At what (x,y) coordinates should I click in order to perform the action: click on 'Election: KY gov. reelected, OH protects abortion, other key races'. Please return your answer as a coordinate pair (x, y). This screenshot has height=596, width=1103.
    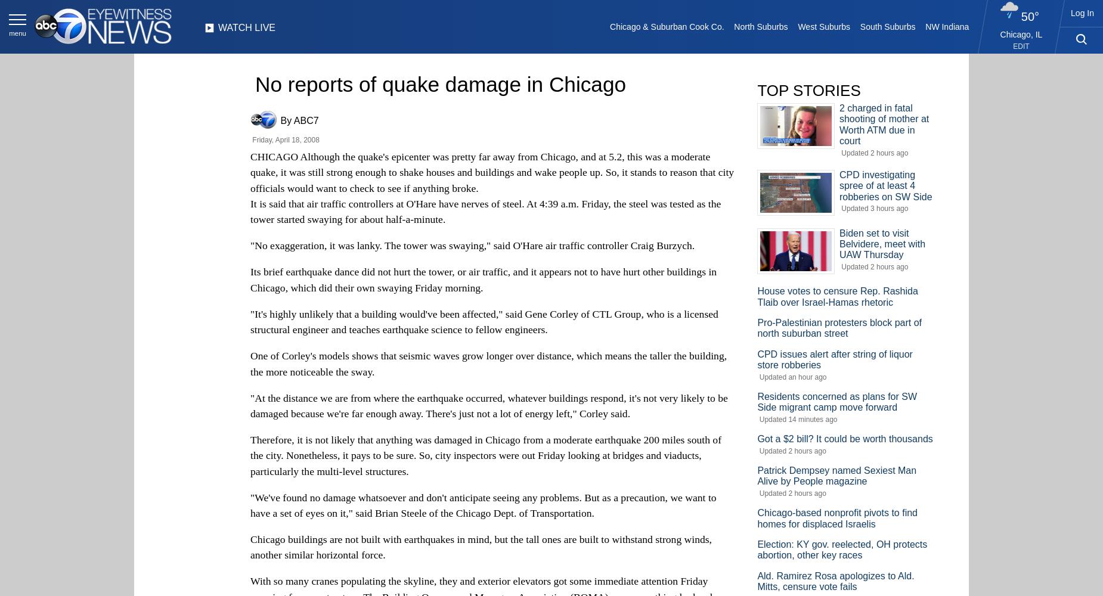
    Looking at the image, I should click on (842, 550).